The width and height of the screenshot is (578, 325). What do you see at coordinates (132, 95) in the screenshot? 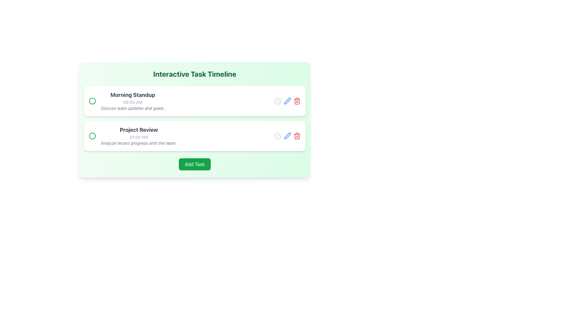
I see `the header/title element located at the top of the first task card on the timeline interface` at bounding box center [132, 95].